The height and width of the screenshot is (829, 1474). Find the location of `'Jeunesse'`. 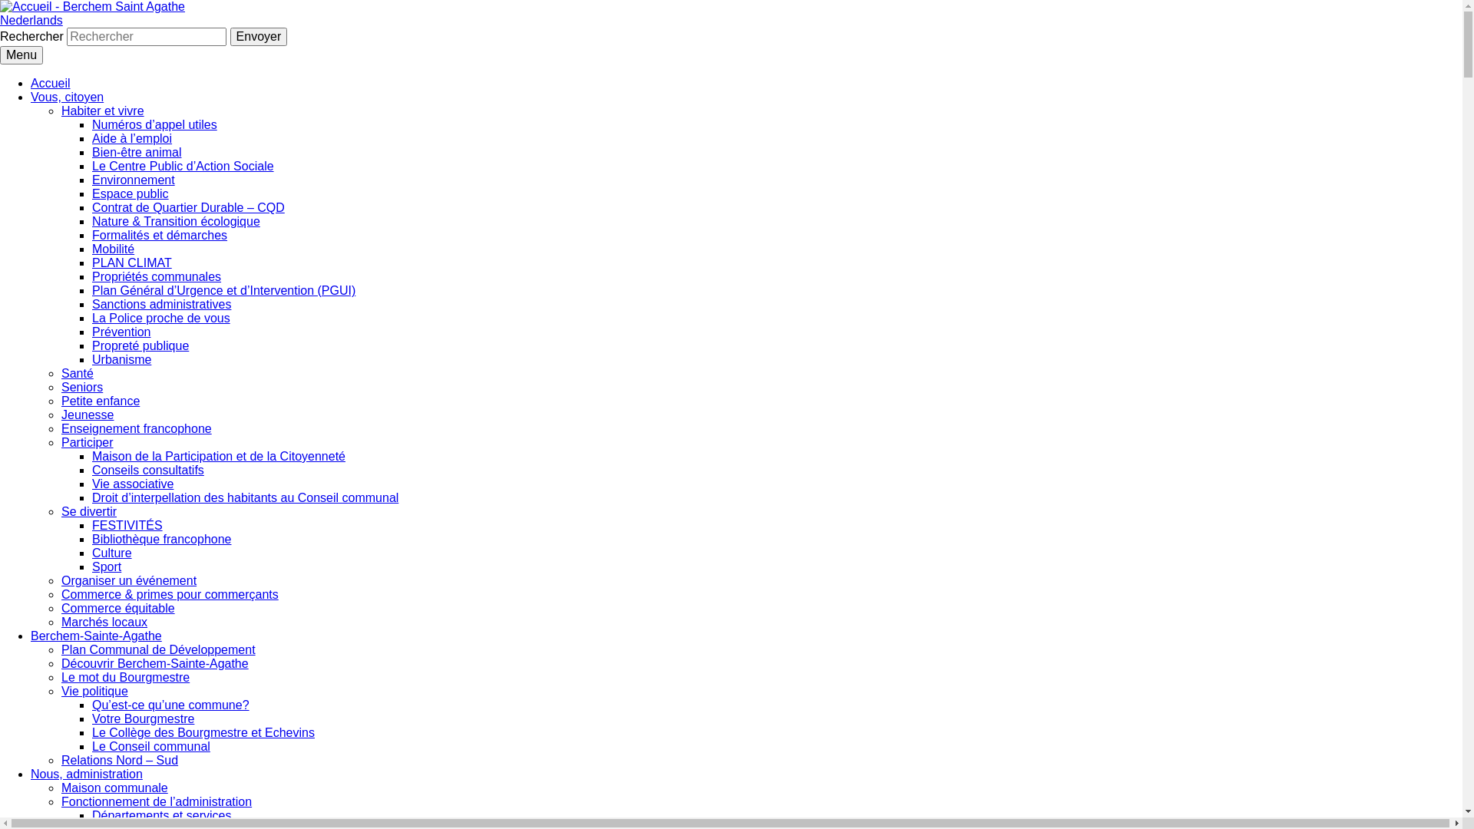

'Jeunesse' is located at coordinates (87, 414).